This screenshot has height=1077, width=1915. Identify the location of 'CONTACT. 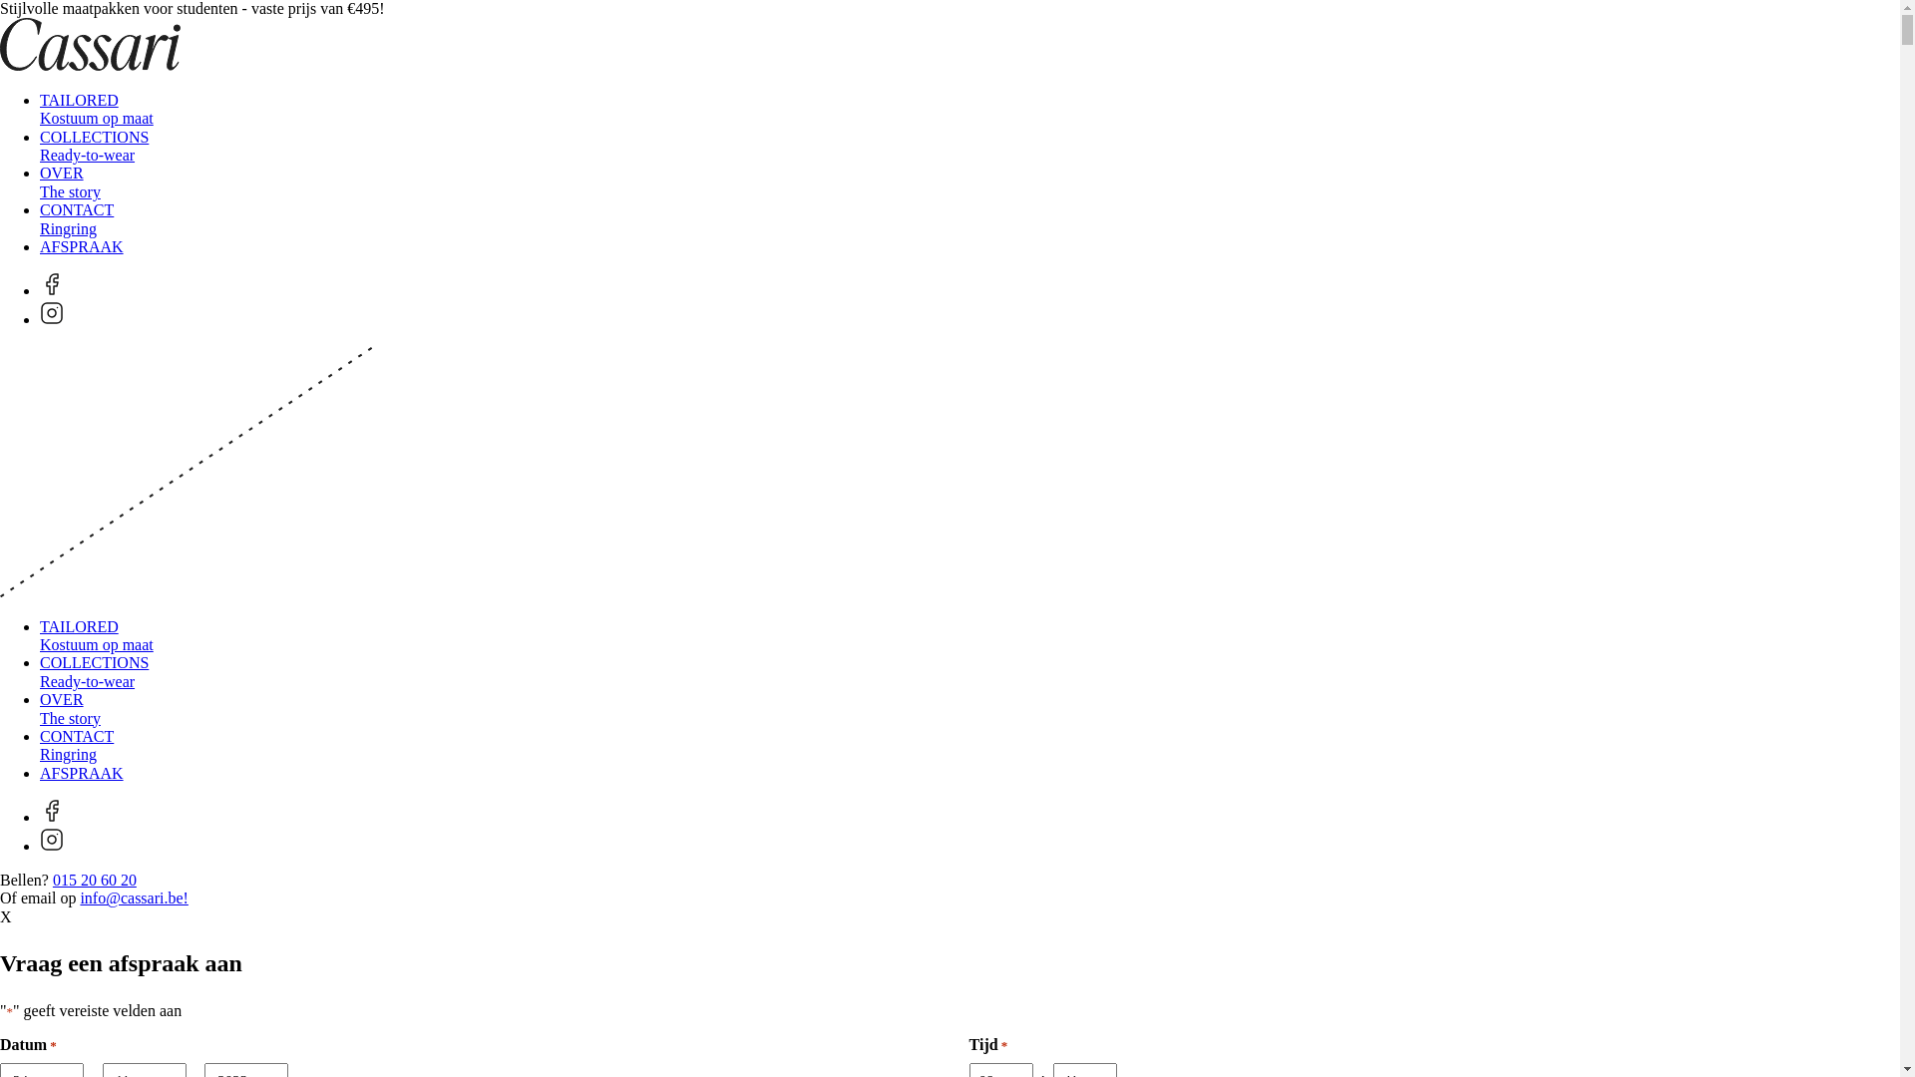
(76, 218).